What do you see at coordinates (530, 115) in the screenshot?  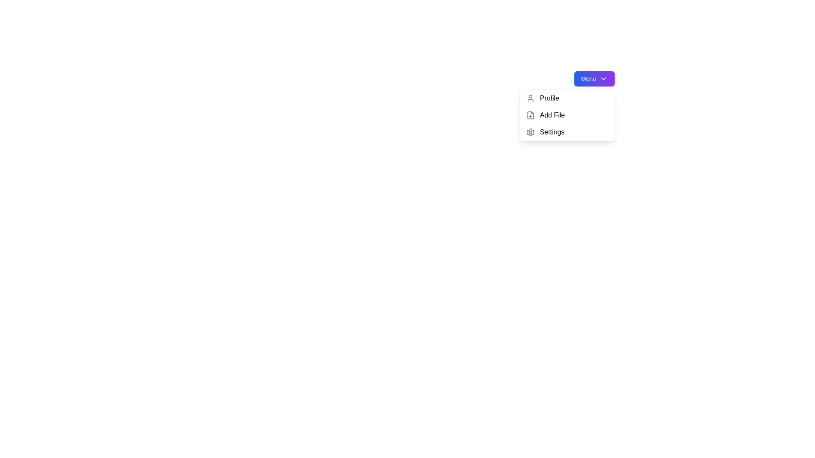 I see `the document icon located in the second option of the 'Menu' dropdown with a purple background on the right side of the interface` at bounding box center [530, 115].